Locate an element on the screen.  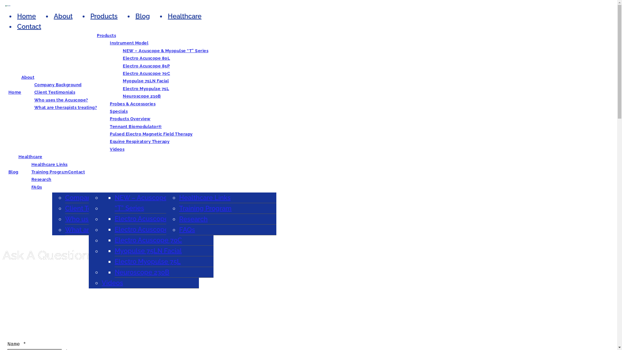
'Probes & Accessories' is located at coordinates (132, 103).